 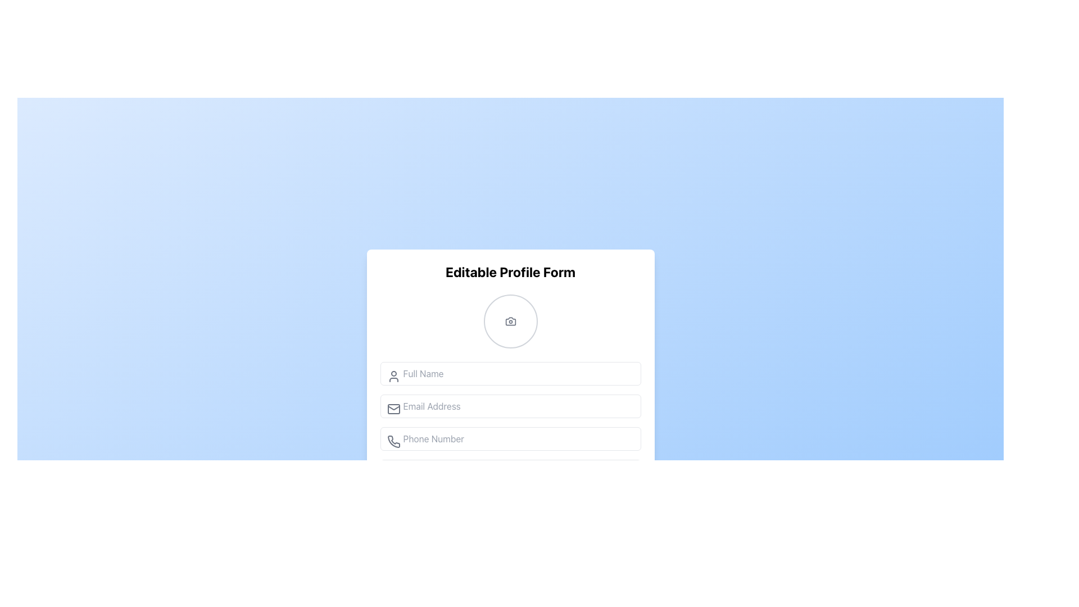 What do you see at coordinates (393, 441) in the screenshot?
I see `the phone icon that indicates the purpose of the adjacent input field for phone number input` at bounding box center [393, 441].